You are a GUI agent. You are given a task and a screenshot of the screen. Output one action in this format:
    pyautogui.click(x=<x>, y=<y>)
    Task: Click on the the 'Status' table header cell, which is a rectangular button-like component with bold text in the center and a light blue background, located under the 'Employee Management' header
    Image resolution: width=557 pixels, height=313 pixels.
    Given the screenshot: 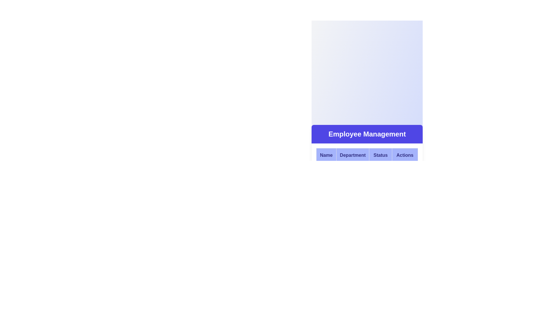 What is the action you would take?
    pyautogui.click(x=381, y=155)
    